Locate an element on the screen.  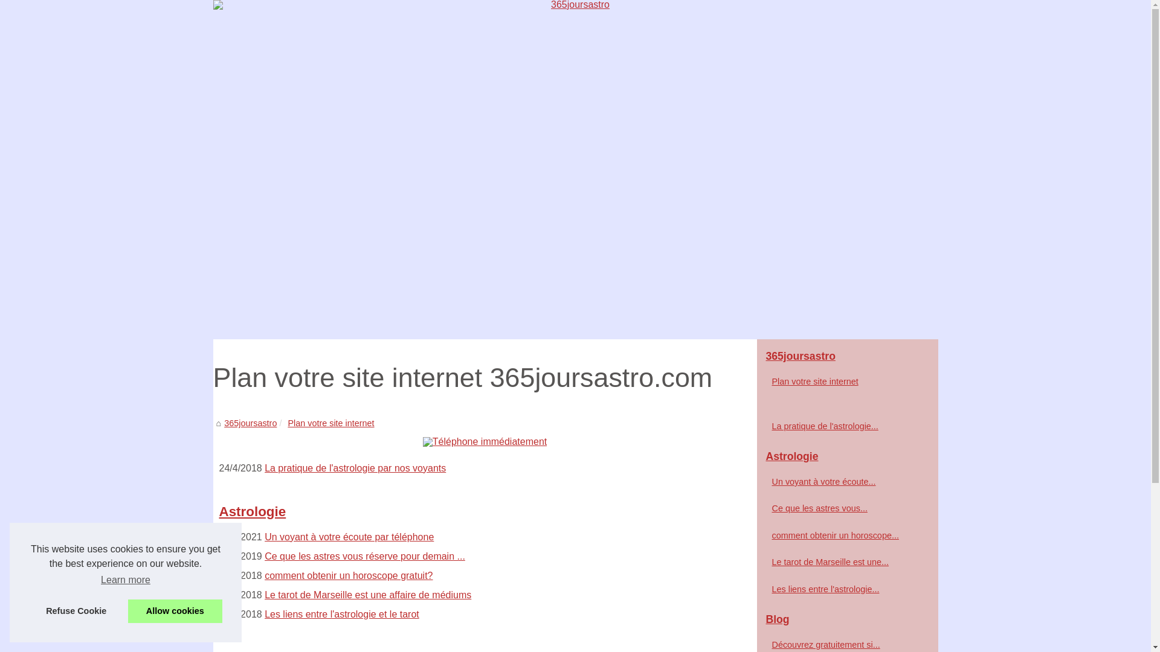
'Allow cookies' is located at coordinates (174, 610).